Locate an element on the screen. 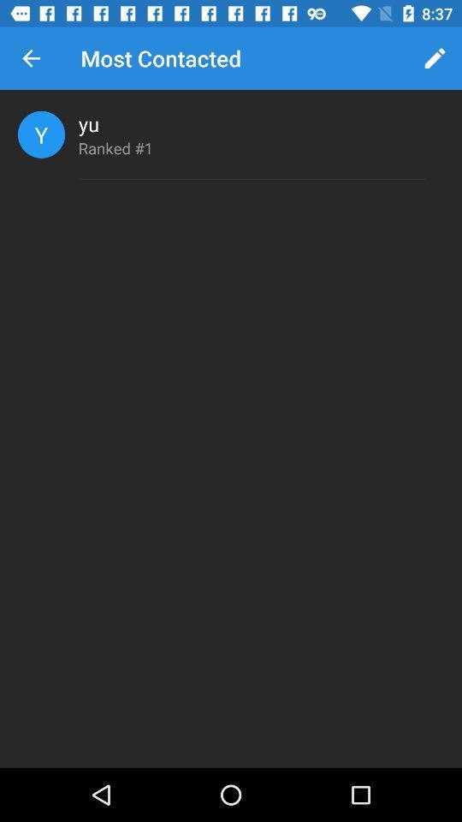 The width and height of the screenshot is (462, 822). item next to most contacted is located at coordinates (435, 58).